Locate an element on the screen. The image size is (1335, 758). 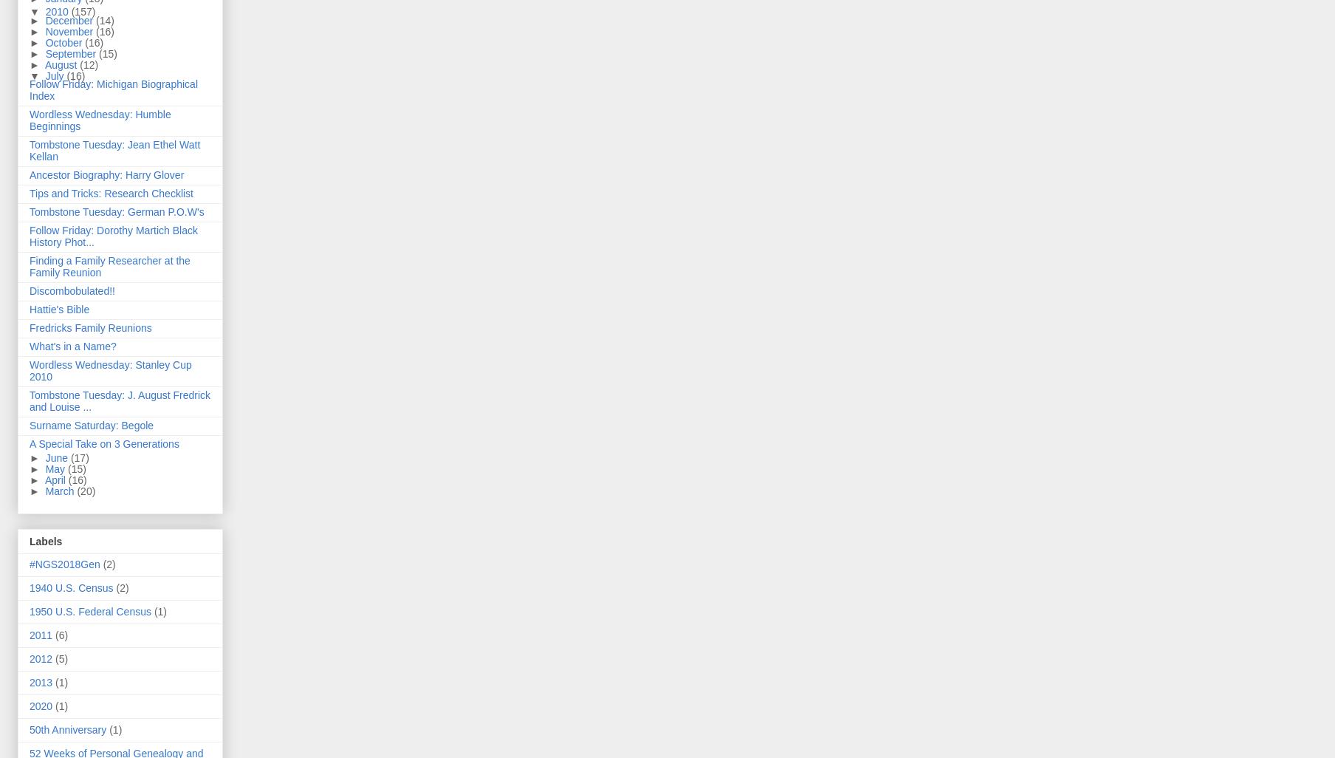
'(6)' is located at coordinates (55, 635).